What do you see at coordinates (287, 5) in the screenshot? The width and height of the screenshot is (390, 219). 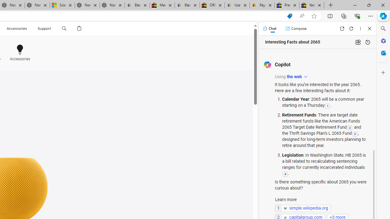 I see `'Press Room - eBay Inc.'` at bounding box center [287, 5].